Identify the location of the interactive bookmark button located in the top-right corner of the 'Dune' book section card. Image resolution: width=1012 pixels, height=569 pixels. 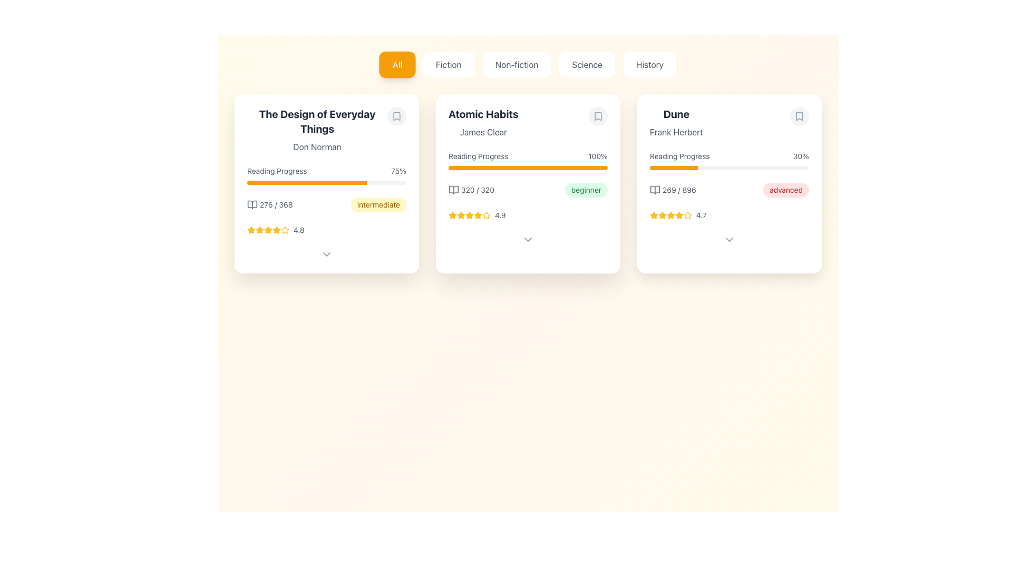
(799, 116).